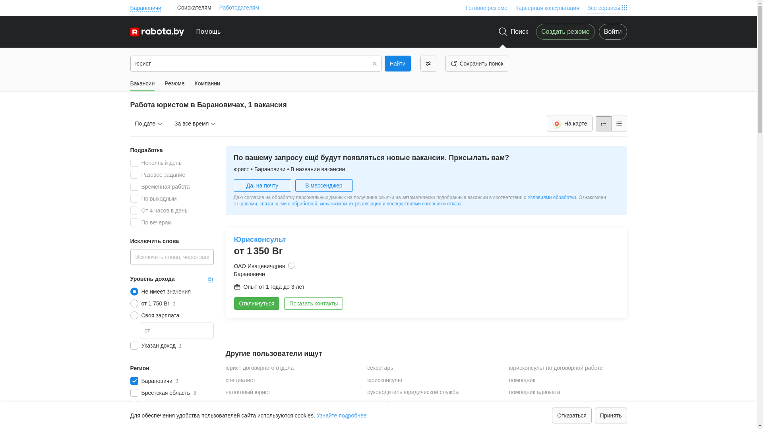 This screenshot has width=763, height=429. Describe the element at coordinates (374, 63) in the screenshot. I see `'Clear'` at that location.